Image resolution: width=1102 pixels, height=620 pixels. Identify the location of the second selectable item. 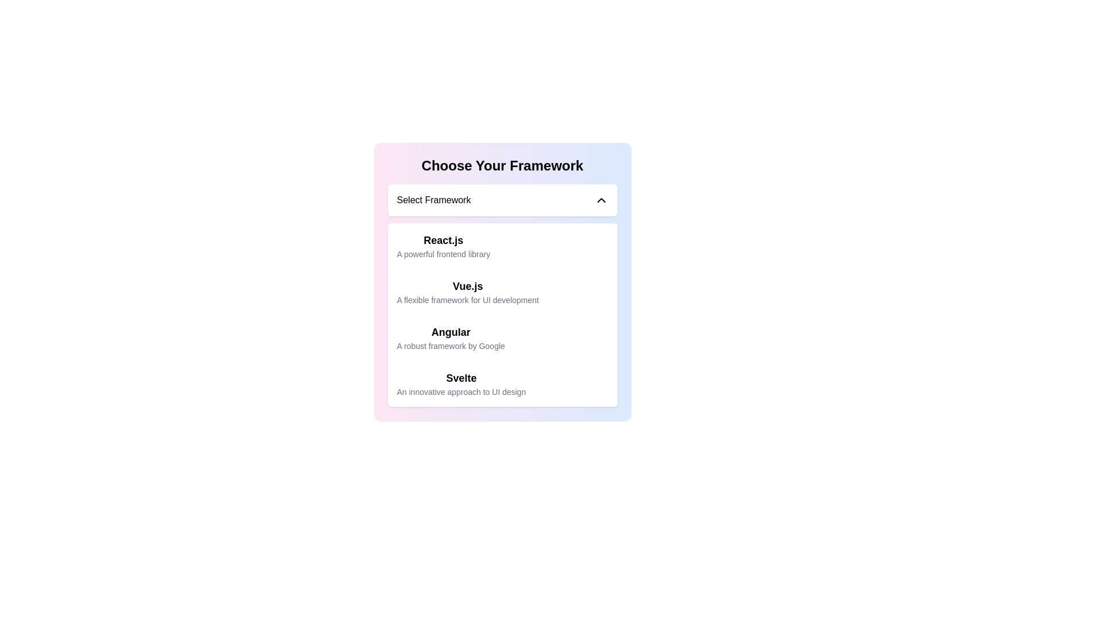
(468, 292).